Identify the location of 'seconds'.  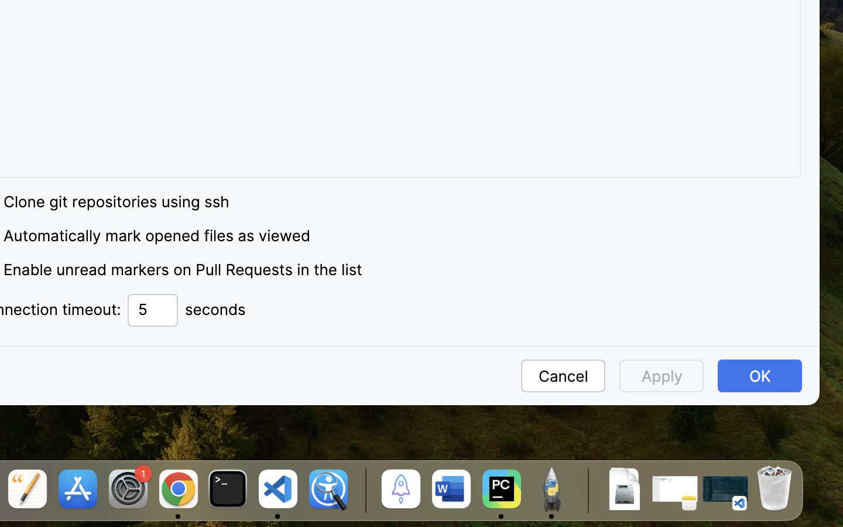
(215, 309).